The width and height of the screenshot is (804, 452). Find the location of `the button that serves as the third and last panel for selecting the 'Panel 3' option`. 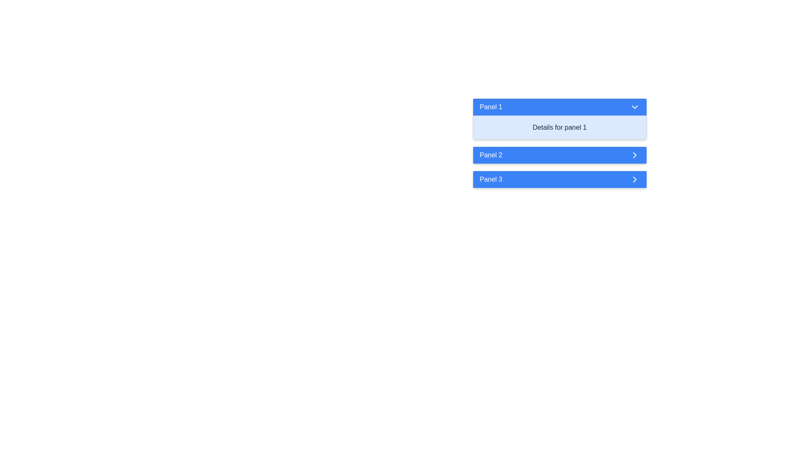

the button that serves as the third and last panel for selecting the 'Panel 3' option is located at coordinates (559, 179).